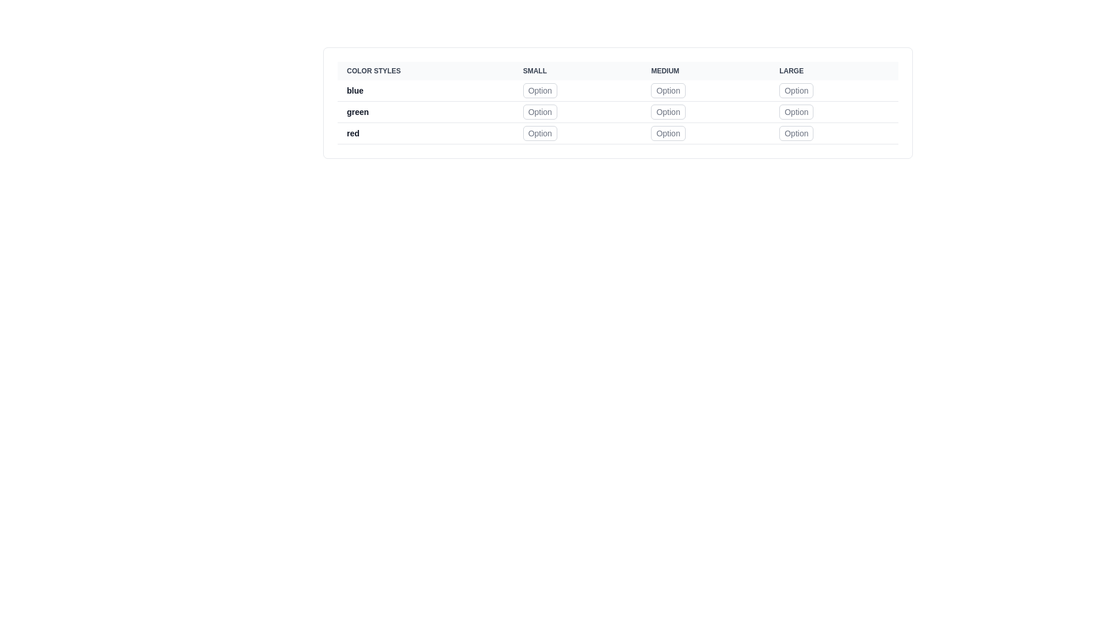  I want to click on properties of the static label with the text 'Option' located in the second column of the third row under the 'red' header, so click(705, 133).